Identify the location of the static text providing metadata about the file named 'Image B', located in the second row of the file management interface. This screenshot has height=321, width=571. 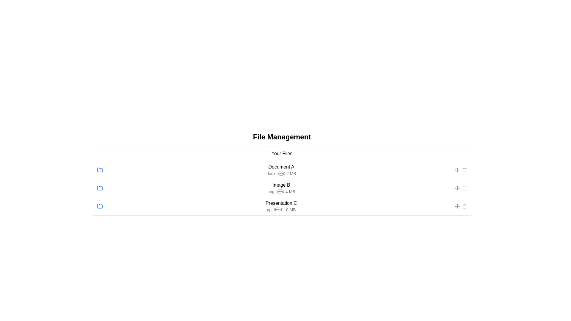
(281, 191).